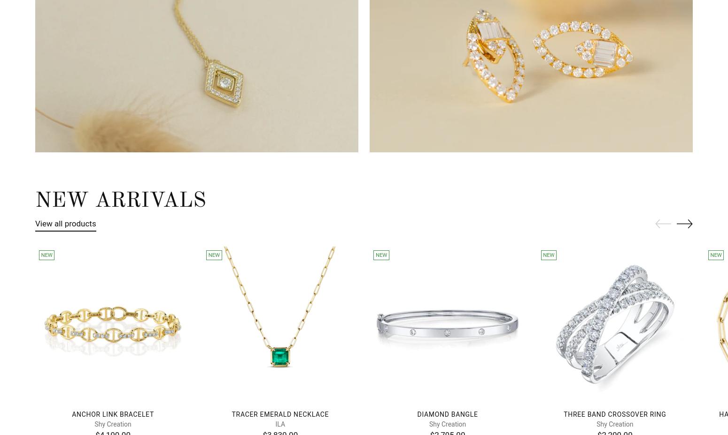  What do you see at coordinates (112, 413) in the screenshot?
I see `'Anchor Link Bracelet'` at bounding box center [112, 413].